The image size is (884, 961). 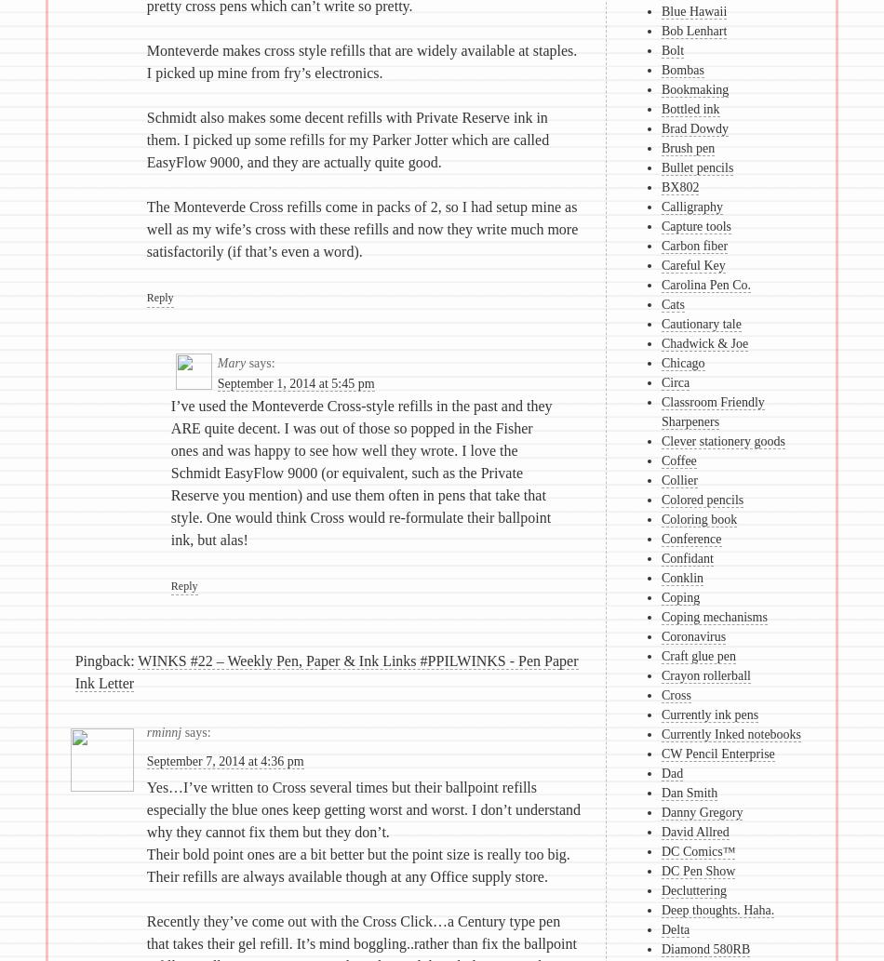 I want to click on 'Dan Smith', so click(x=688, y=793).